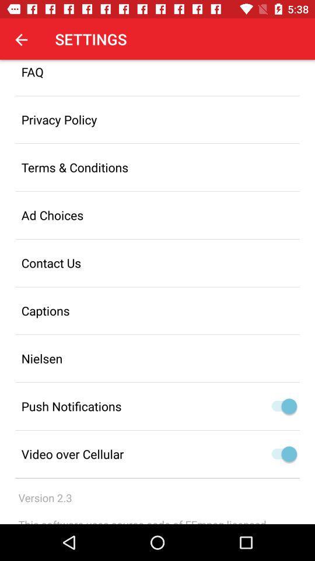 The height and width of the screenshot is (561, 315). What do you see at coordinates (21, 39) in the screenshot?
I see `the icon above the faq icon` at bounding box center [21, 39].